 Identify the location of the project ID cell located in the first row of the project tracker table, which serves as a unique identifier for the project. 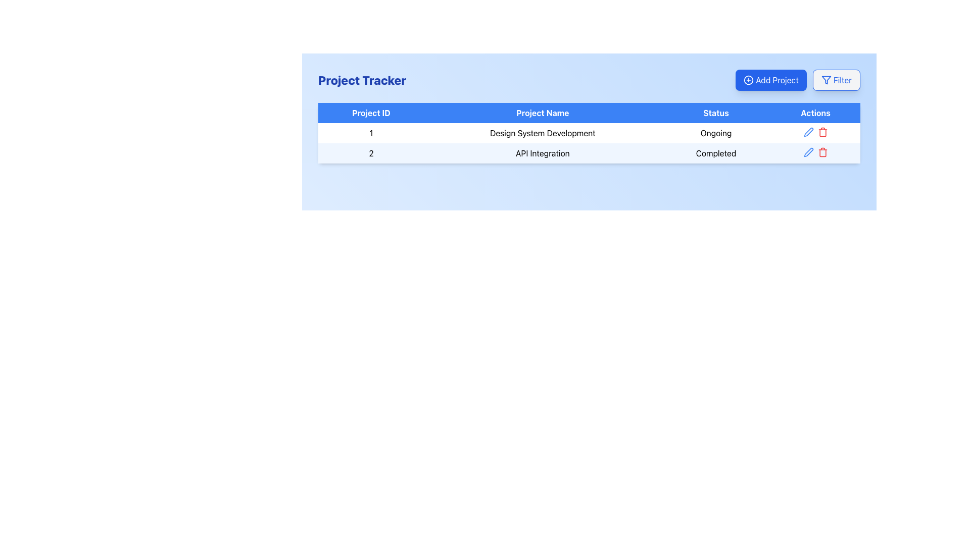
(370, 132).